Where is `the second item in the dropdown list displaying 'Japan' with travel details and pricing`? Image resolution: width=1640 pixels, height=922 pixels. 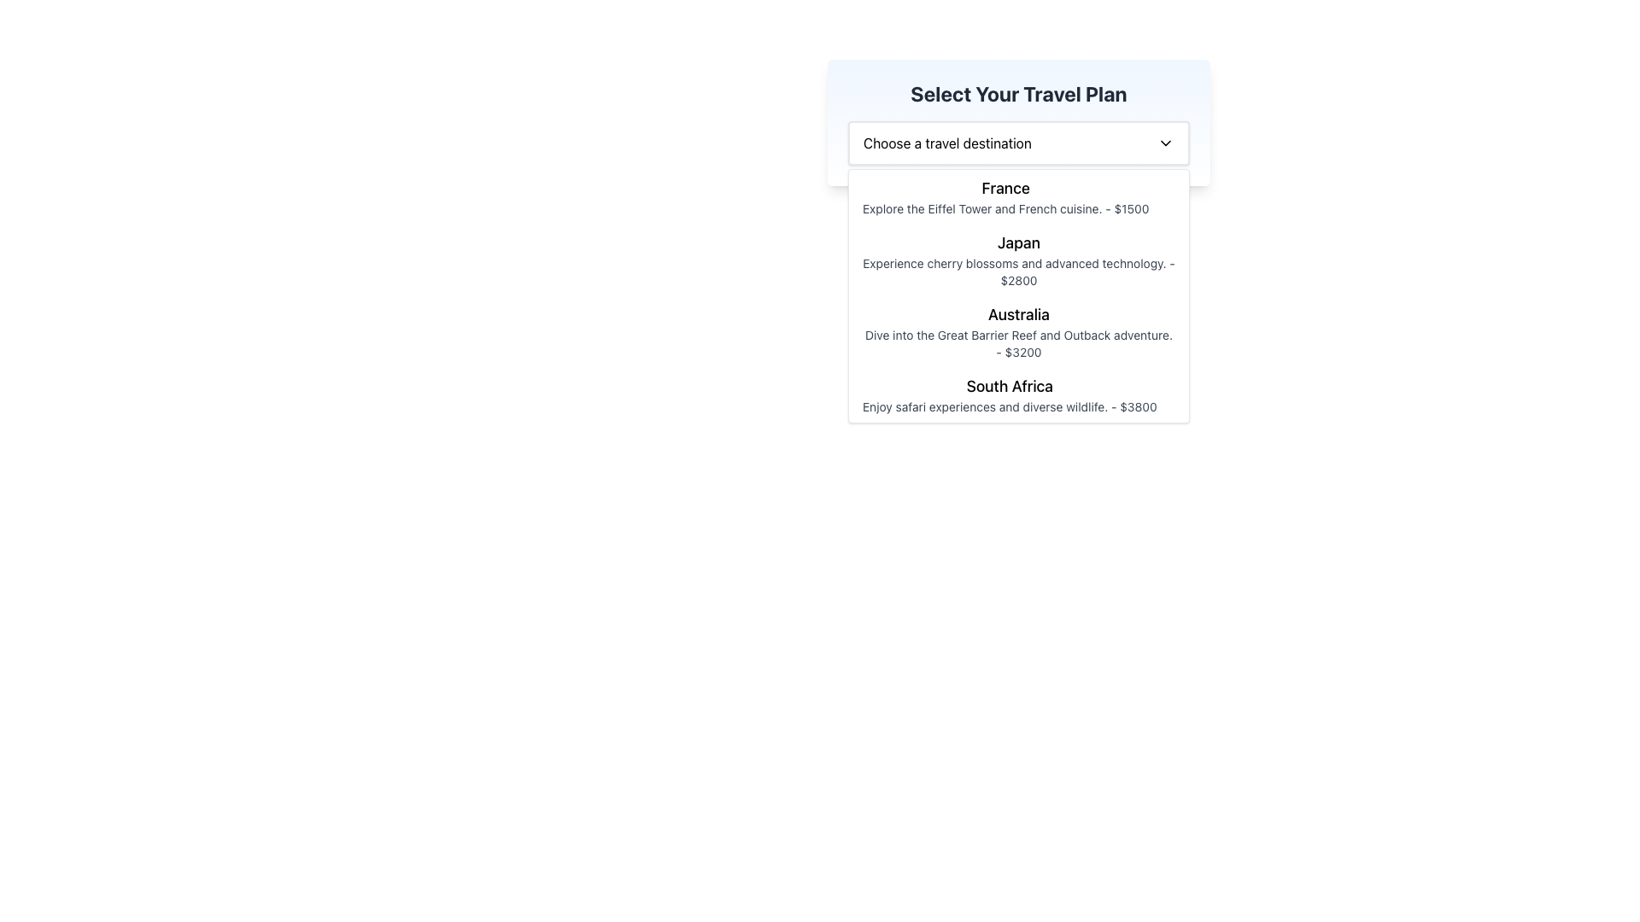
the second item in the dropdown list displaying 'Japan' with travel details and pricing is located at coordinates (1019, 260).